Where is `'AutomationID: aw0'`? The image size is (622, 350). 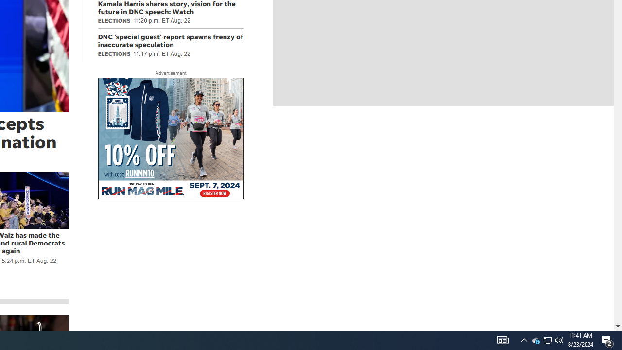
'AutomationID: aw0' is located at coordinates (171, 139).